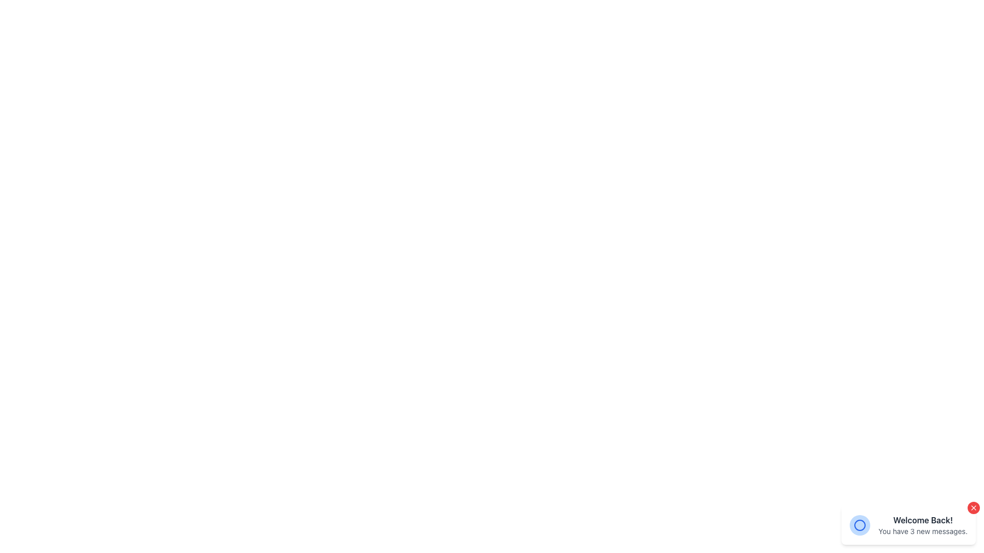  What do you see at coordinates (860, 525) in the screenshot?
I see `the SVG circle icon located inside the notification card with the text 'Welcome Back!' in the bottom-right corner of the UI` at bounding box center [860, 525].